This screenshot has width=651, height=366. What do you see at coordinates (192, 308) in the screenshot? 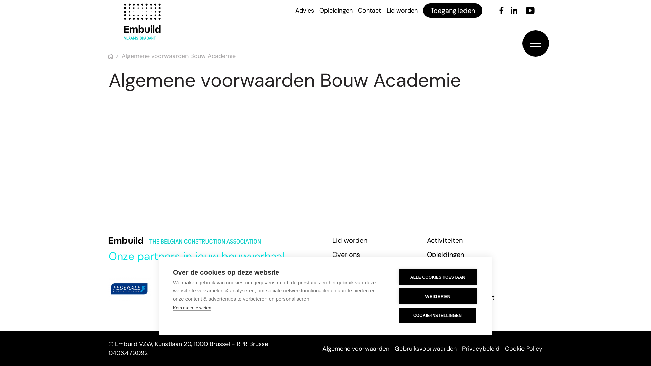
I see `'Kom meer te weten'` at bounding box center [192, 308].